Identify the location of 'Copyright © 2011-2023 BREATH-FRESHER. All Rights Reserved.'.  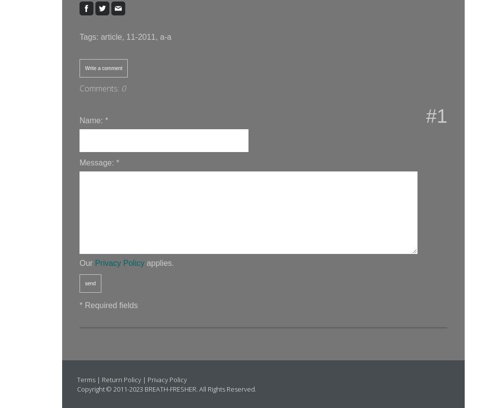
(166, 389).